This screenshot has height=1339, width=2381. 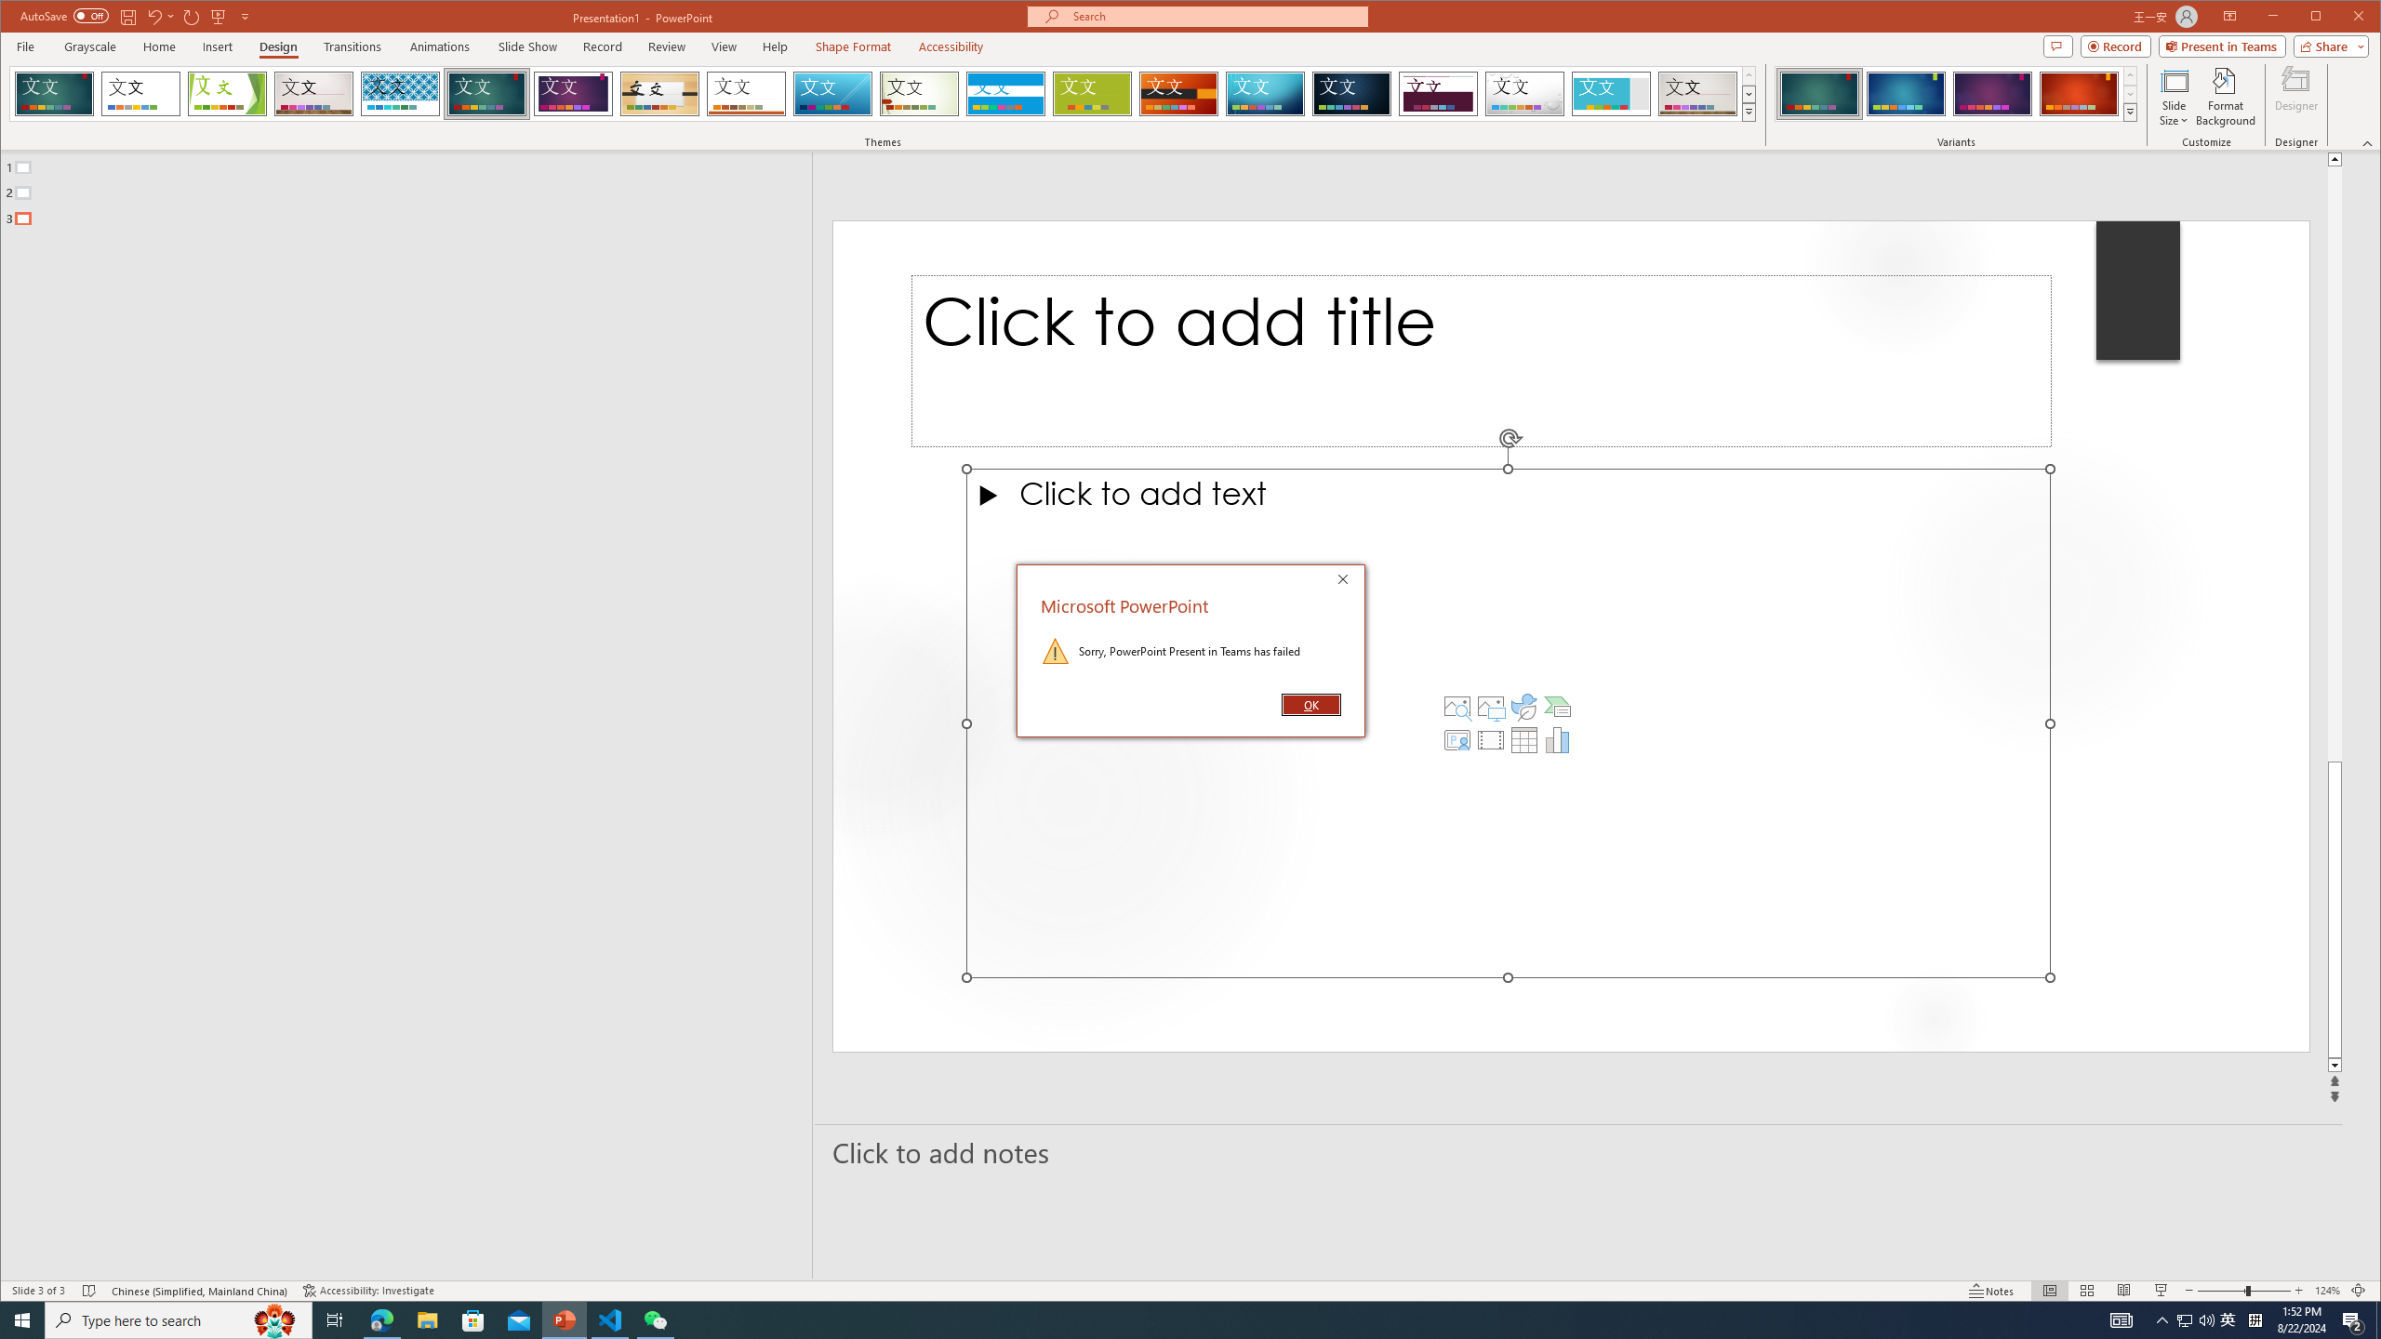 I want to click on 'Ion Boardroom', so click(x=572, y=93).